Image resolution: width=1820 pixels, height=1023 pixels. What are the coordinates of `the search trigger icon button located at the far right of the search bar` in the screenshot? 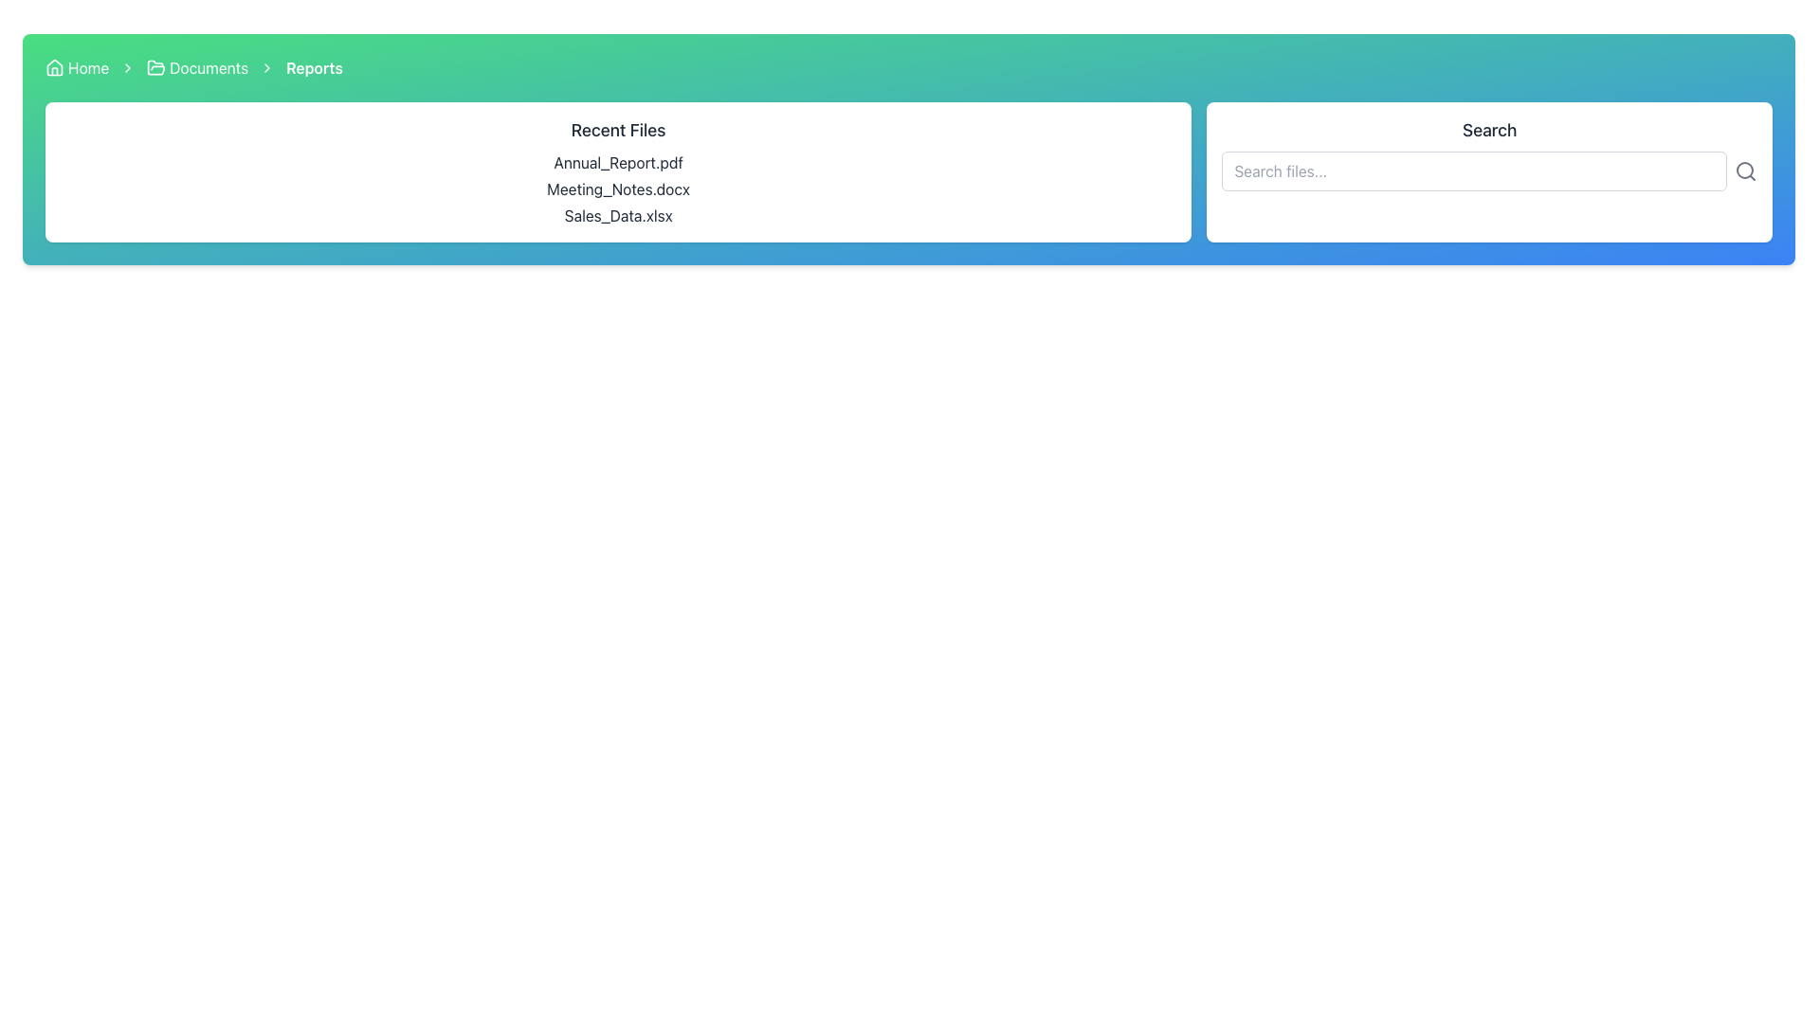 It's located at (1745, 171).